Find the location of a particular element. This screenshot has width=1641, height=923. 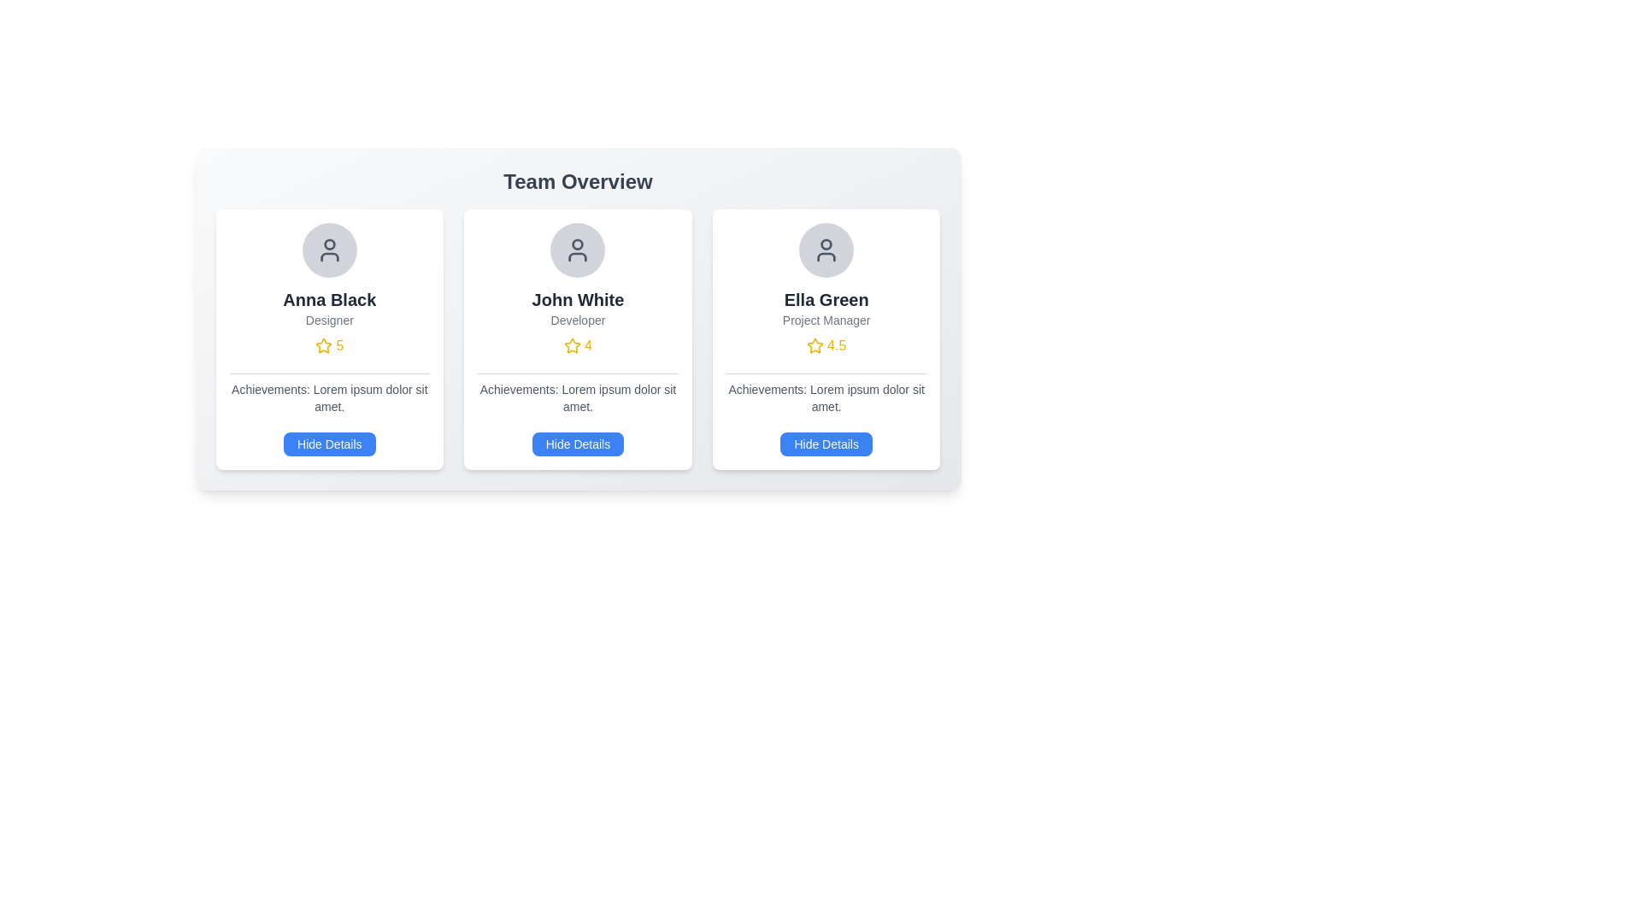

achievement information text associated with 'John White', located in the middle column under the 'John White' profile card, between the star rating and the 'Hide Details' button is located at coordinates (578, 398).